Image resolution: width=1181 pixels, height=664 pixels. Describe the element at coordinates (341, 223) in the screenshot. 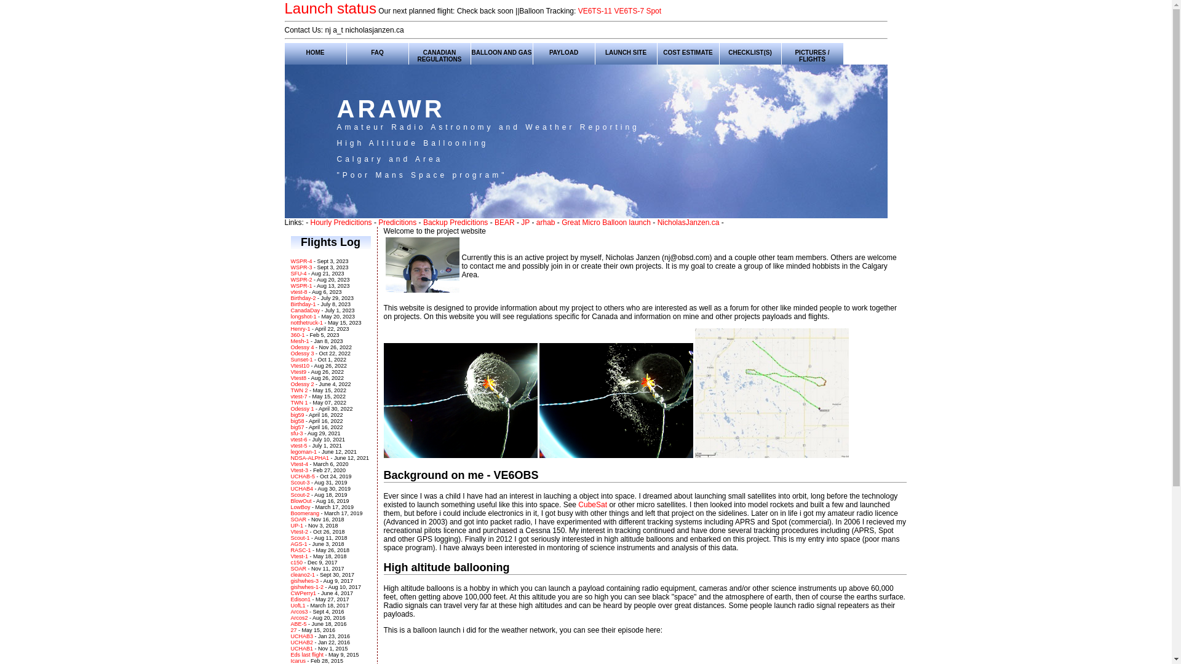

I see `'Hourly Predicitions'` at that location.